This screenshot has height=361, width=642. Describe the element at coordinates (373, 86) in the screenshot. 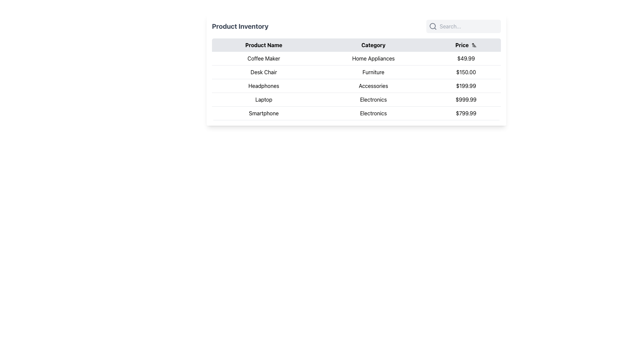

I see `the text label displaying 'Accessories' in the 'Category' column corresponding to 'Headphones'` at that location.